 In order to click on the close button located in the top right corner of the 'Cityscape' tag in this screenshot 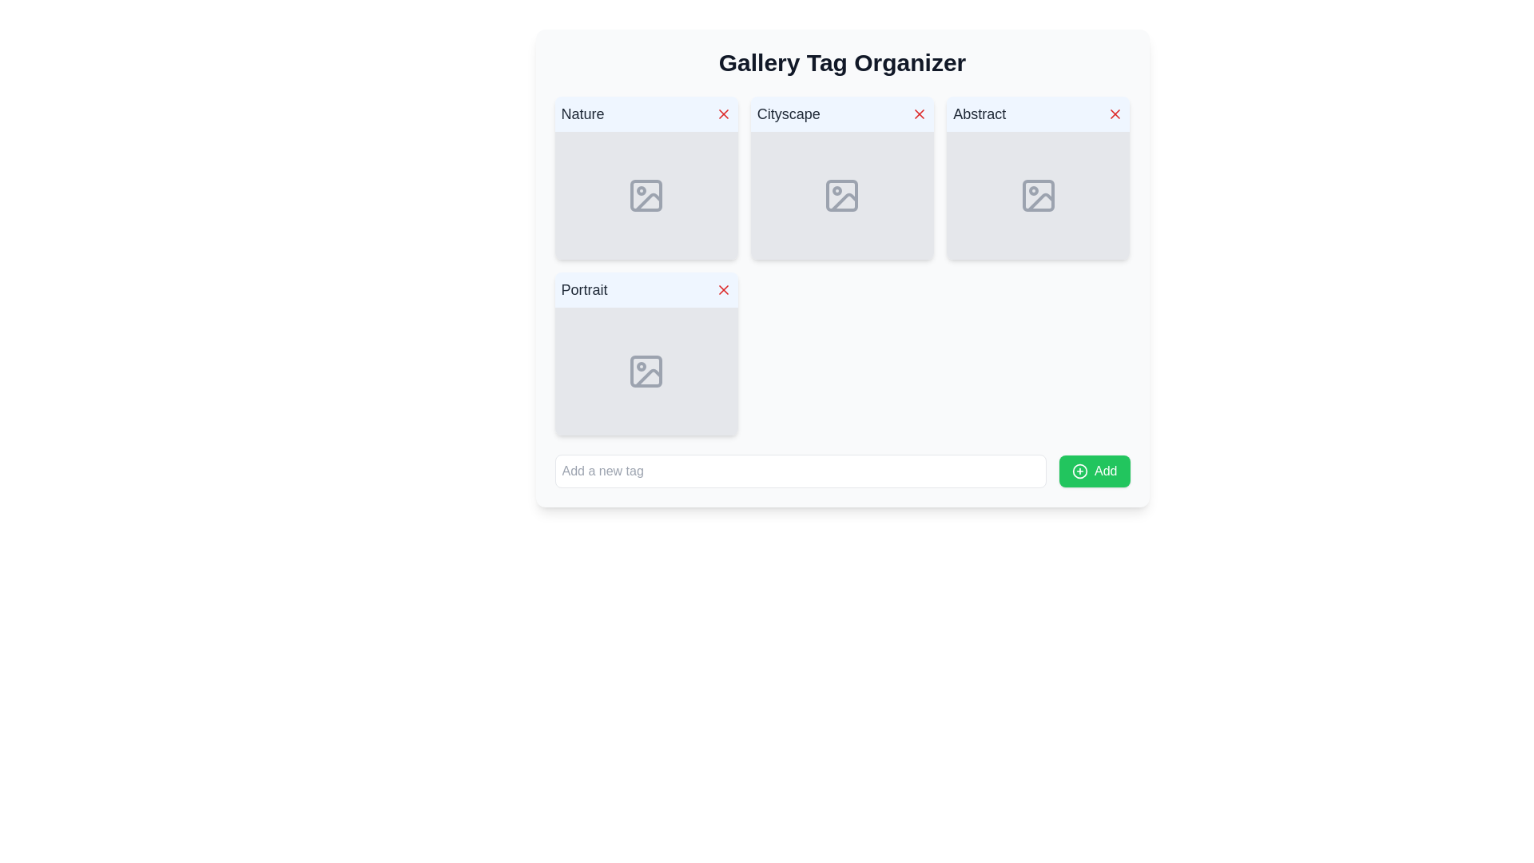, I will do `click(920, 113)`.